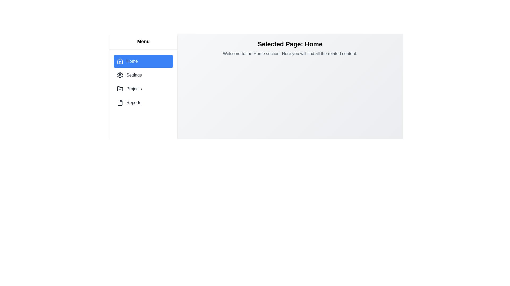 This screenshot has width=510, height=286. Describe the element at coordinates (134, 75) in the screenshot. I see `the 'Settings' text label in the left sidebar navigation menu, which is styled in dark gray and is positioned next to a settings icon` at that location.